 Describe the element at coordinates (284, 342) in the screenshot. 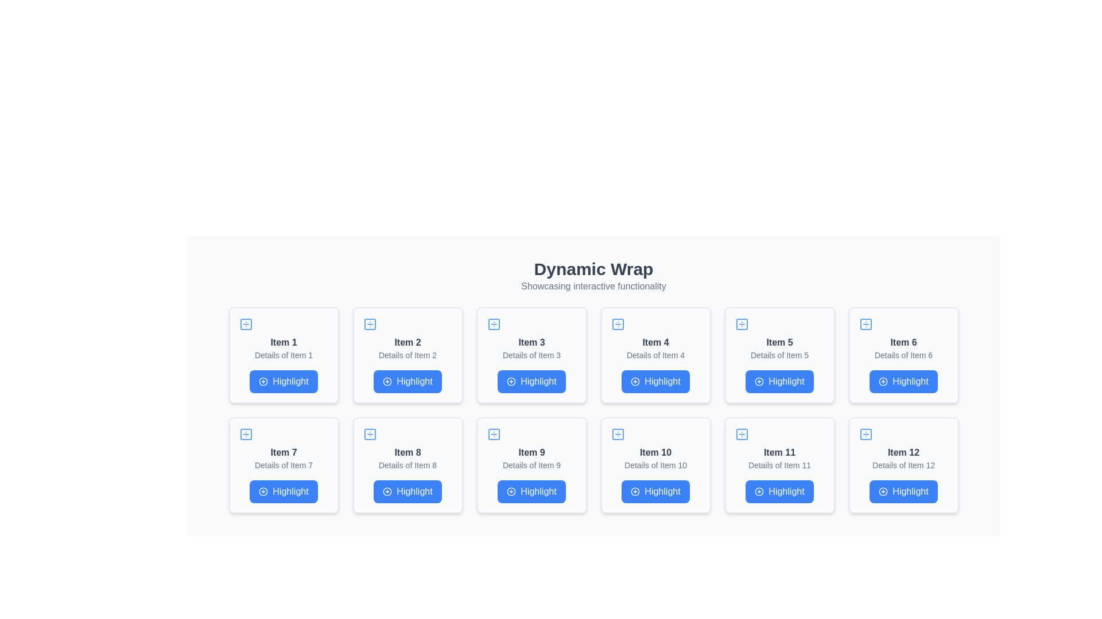

I see `text 'Item 1' from the label located at the top of the first card in the grid layout` at that location.